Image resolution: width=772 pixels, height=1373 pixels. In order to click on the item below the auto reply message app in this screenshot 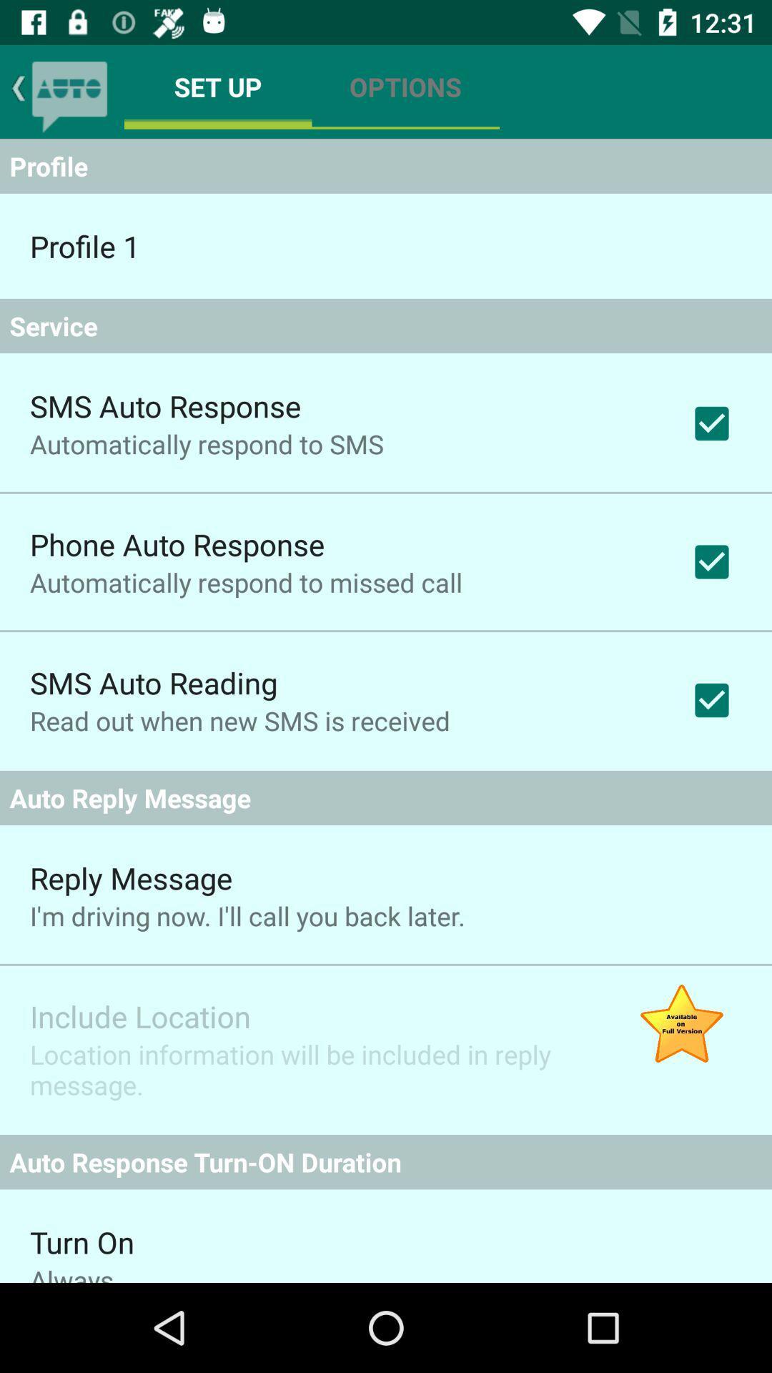, I will do `click(681, 1025)`.